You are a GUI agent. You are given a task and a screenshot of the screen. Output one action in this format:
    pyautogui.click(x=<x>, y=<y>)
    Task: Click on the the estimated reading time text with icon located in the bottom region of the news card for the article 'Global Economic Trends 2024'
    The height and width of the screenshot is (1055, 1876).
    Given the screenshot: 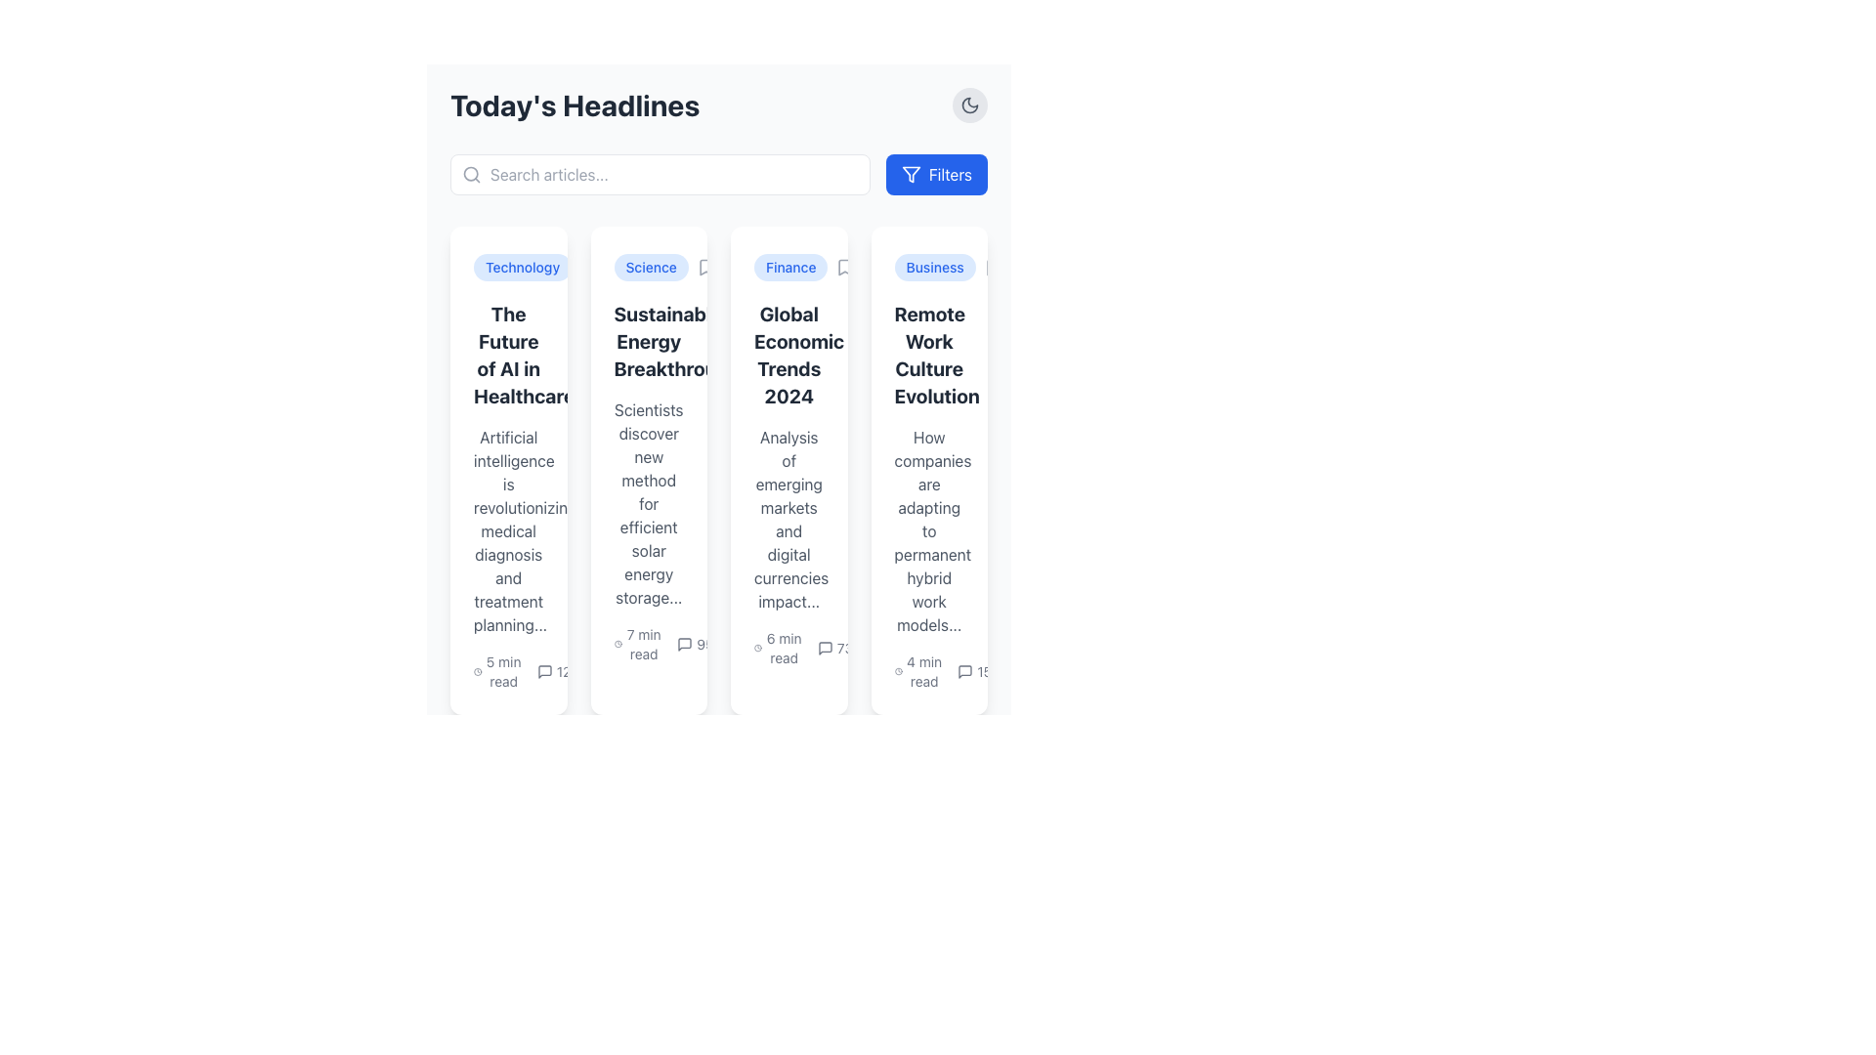 What is the action you would take?
    pyautogui.click(x=777, y=648)
    